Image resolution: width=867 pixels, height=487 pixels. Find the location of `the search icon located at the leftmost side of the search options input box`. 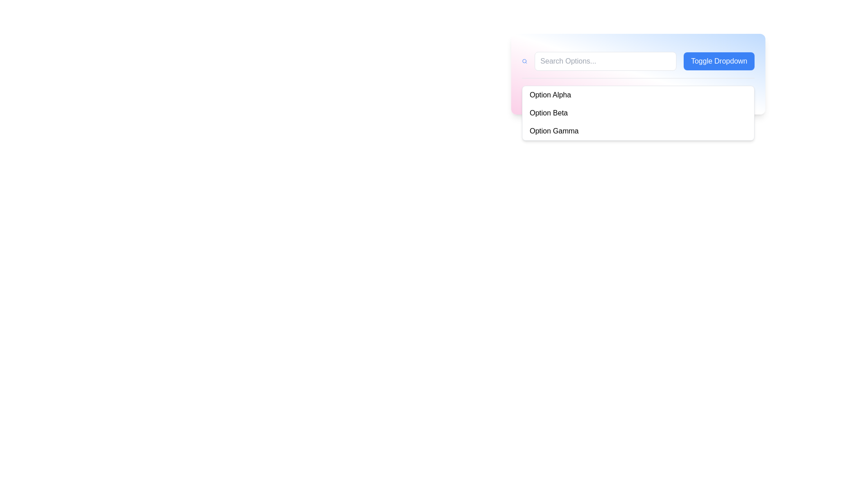

the search icon located at the leftmost side of the search options input box is located at coordinates (524, 61).